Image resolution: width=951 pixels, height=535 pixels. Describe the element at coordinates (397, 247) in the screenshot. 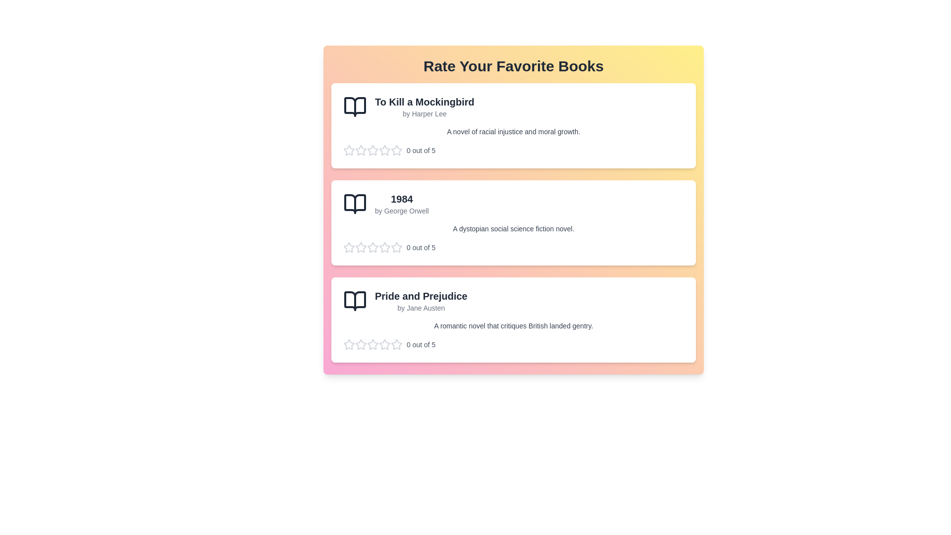

I see `the second star icon in the 5-star rating system for the book '1984' by George Orwell to rate it` at that location.